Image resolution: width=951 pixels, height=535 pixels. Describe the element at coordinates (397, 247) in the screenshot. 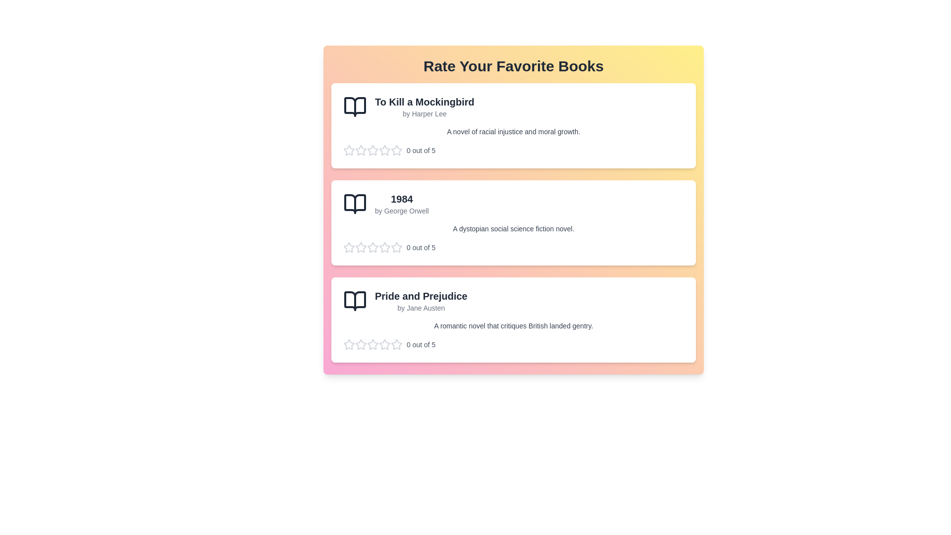

I see `the second star icon in the 5-star rating system for the book '1984' by George Orwell to rate it` at that location.